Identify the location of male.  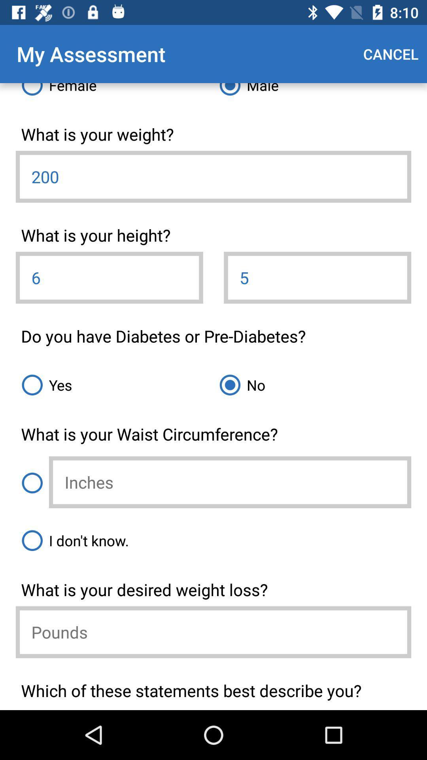
(312, 92).